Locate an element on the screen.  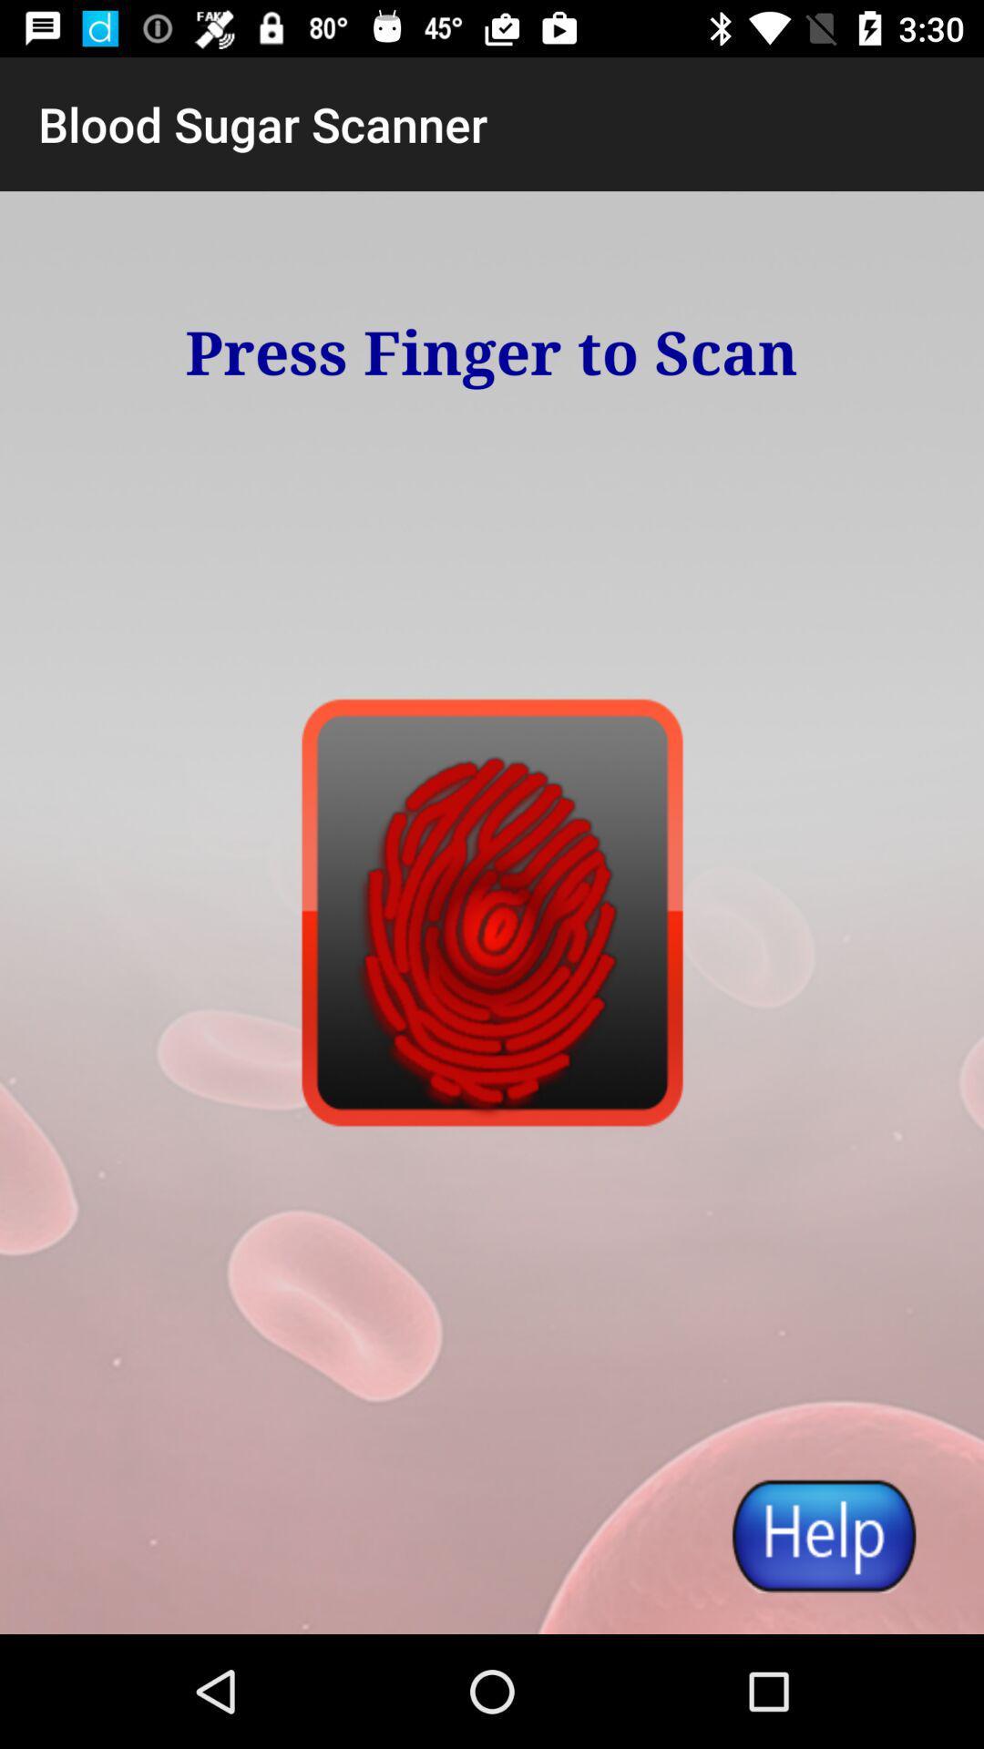
help is located at coordinates (823, 1534).